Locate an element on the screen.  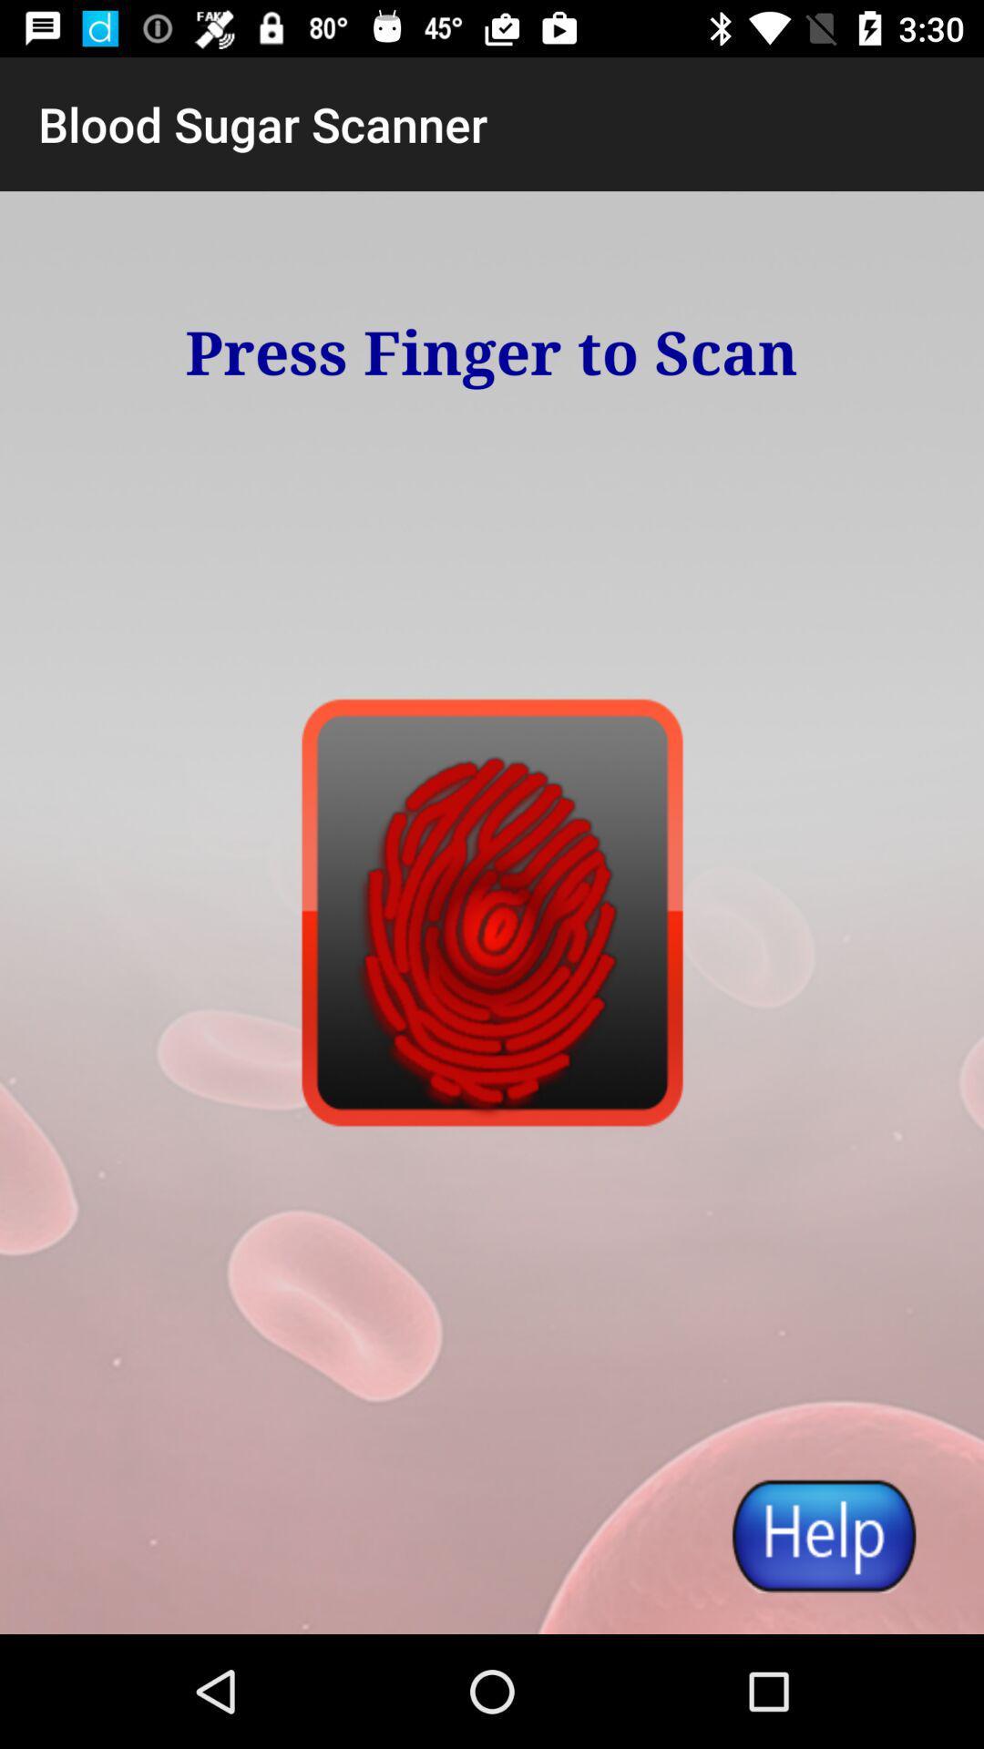
help is located at coordinates (823, 1534).